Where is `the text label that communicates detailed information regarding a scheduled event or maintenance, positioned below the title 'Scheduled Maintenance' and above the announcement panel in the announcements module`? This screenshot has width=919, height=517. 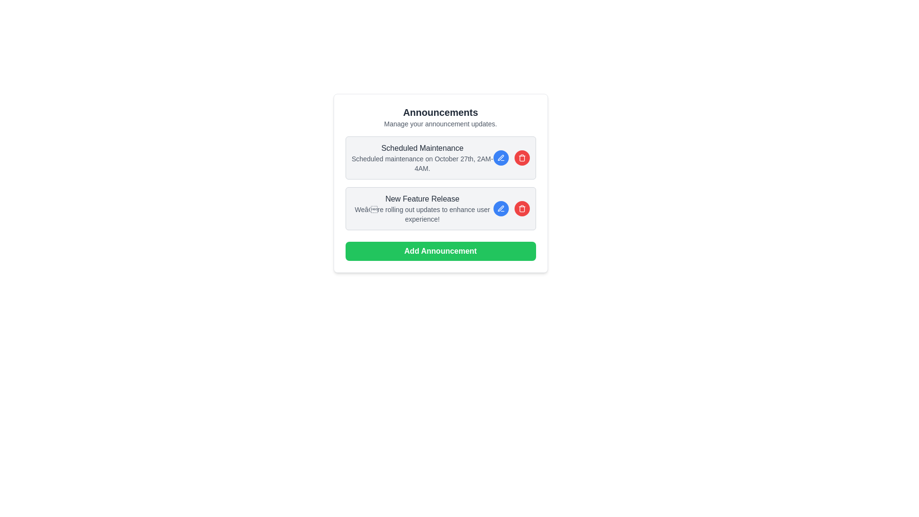
the text label that communicates detailed information regarding a scheduled event or maintenance, positioned below the title 'Scheduled Maintenance' and above the announcement panel in the announcements module is located at coordinates (422, 163).